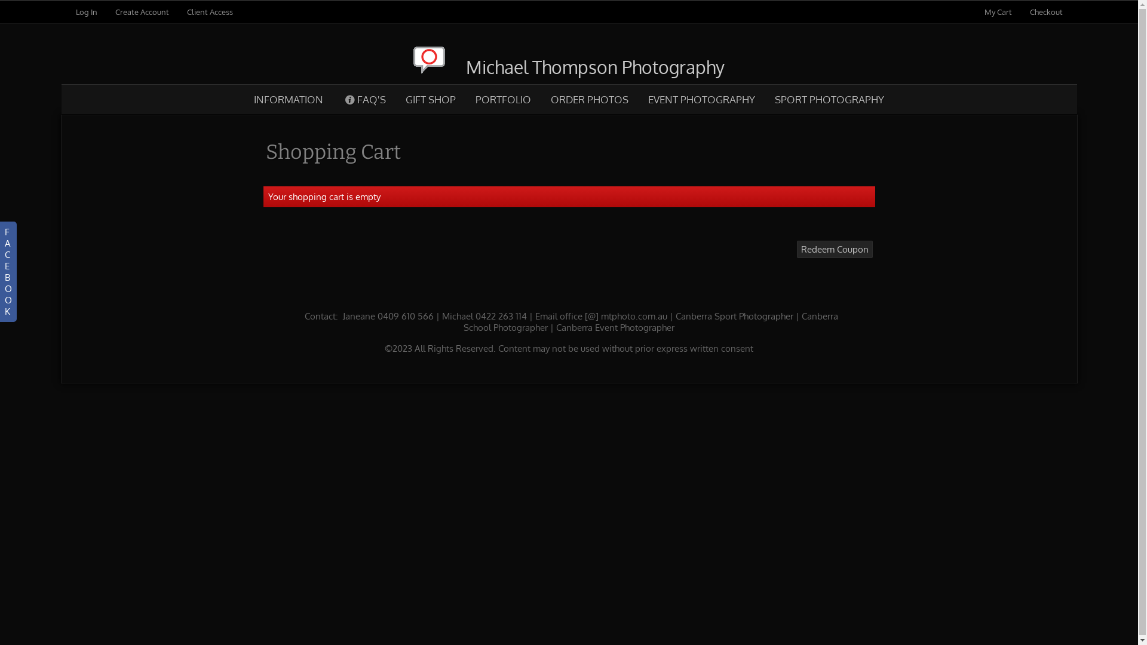  Describe the element at coordinates (364, 99) in the screenshot. I see `'FAQ'S'` at that location.